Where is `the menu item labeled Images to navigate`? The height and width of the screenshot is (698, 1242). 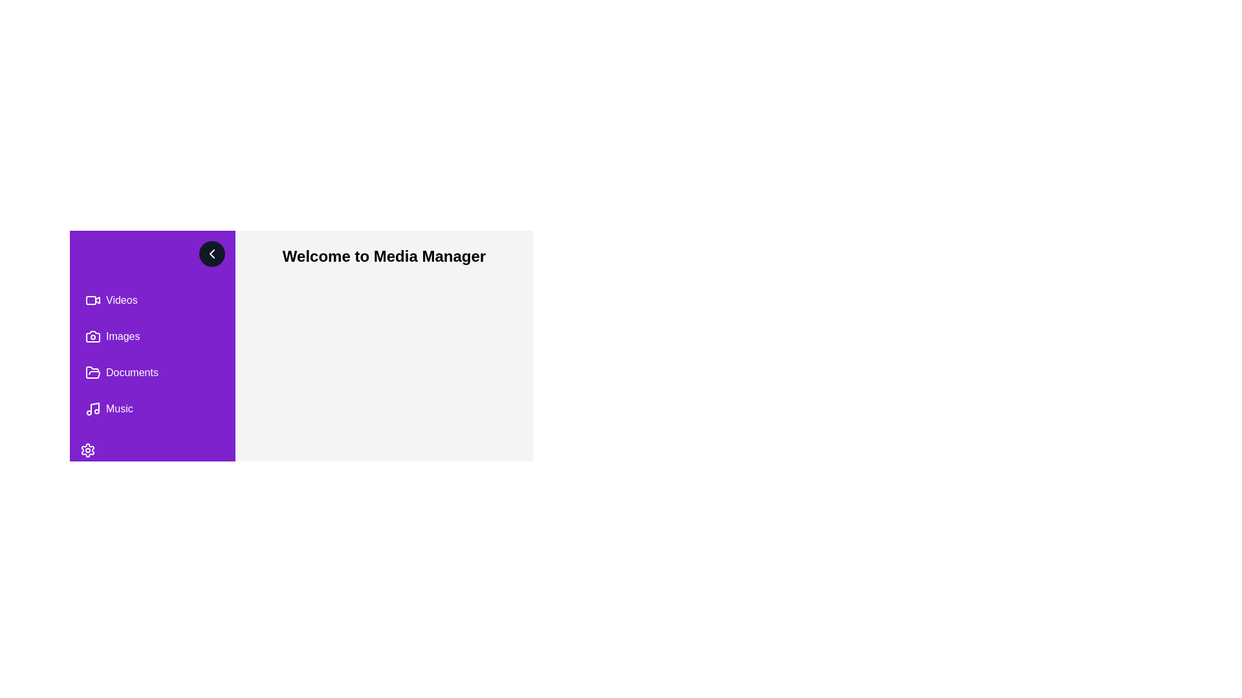
the menu item labeled Images to navigate is located at coordinates (152, 335).